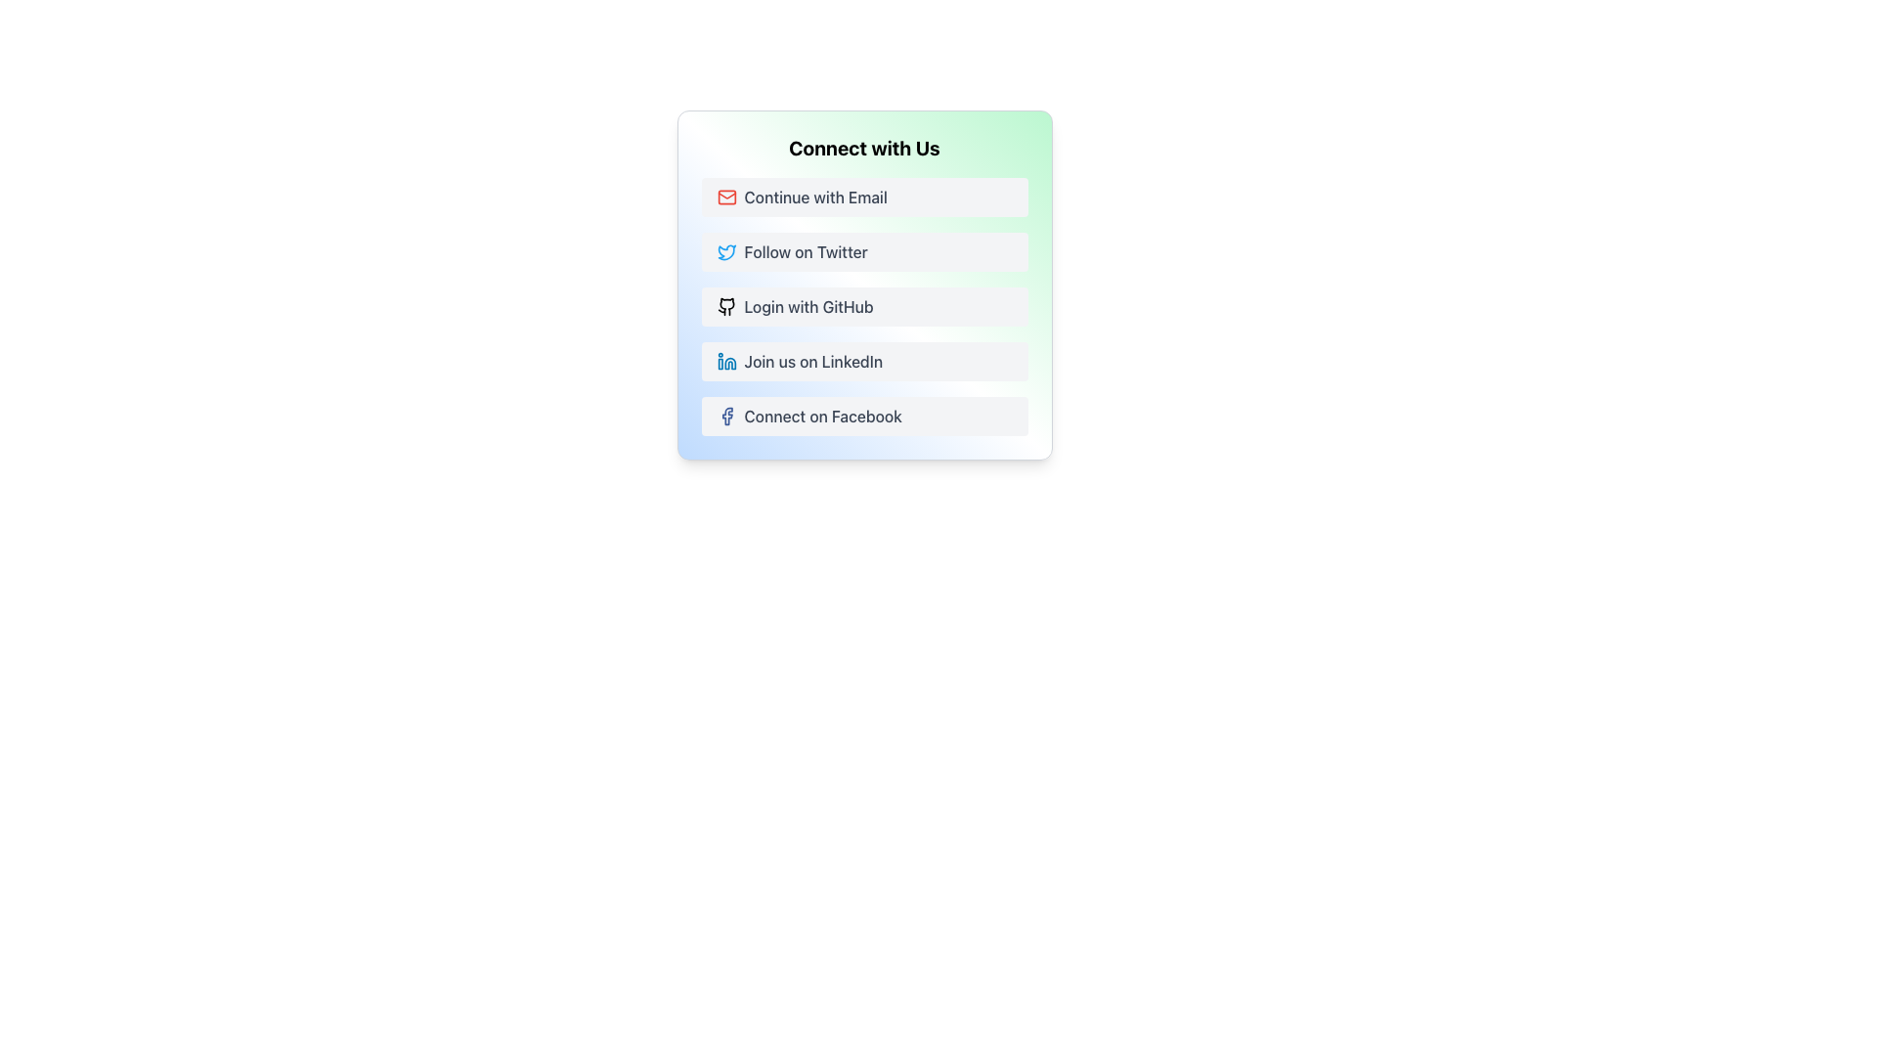 This screenshot has height=1056, width=1877. I want to click on the Facebook SVG Icon located in the 'Connect on Facebook' row at the bottom of the list of connection options, so click(725, 415).